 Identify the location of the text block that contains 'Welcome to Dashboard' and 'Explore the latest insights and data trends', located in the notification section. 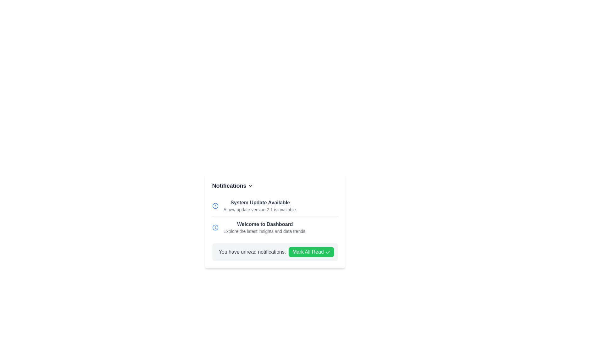
(265, 228).